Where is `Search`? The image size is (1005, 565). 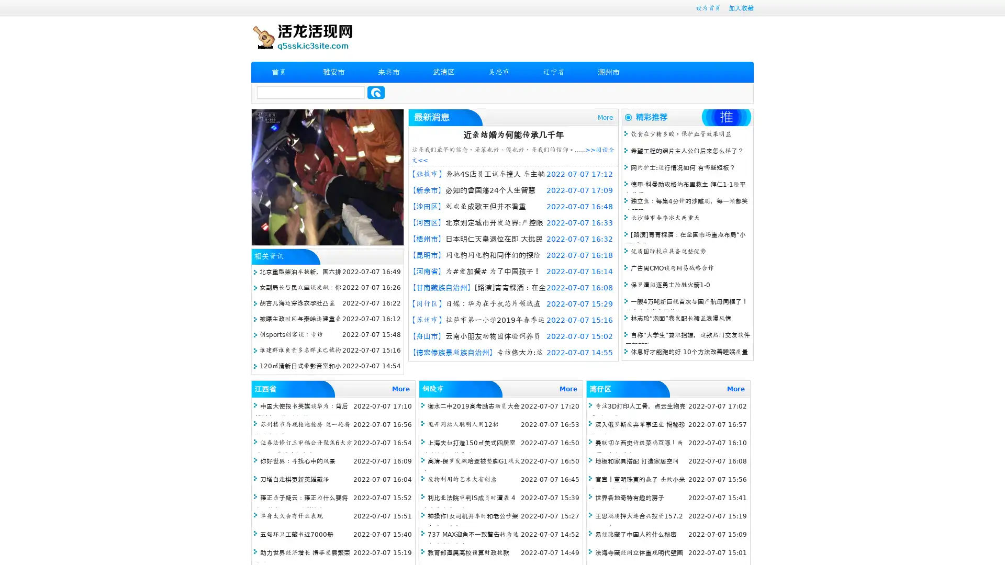 Search is located at coordinates (376, 92).